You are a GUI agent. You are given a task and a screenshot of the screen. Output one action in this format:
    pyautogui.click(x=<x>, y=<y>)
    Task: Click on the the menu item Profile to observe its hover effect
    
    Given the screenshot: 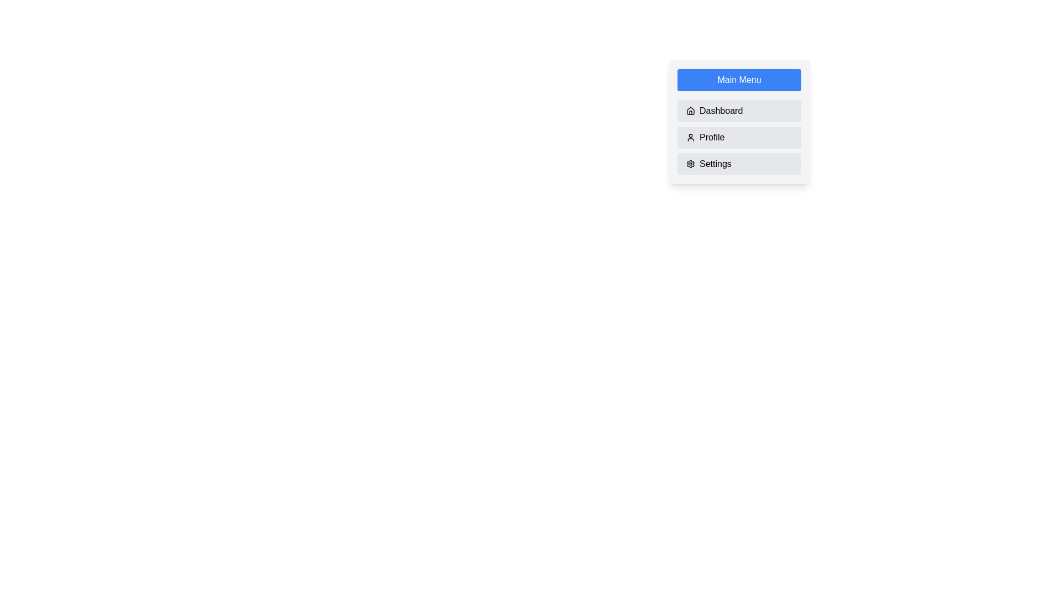 What is the action you would take?
    pyautogui.click(x=739, y=137)
    